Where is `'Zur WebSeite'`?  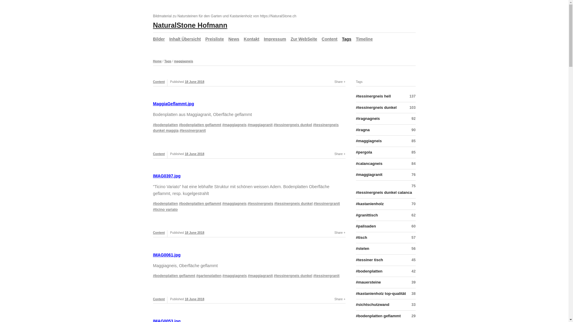 'Zur WebSeite' is located at coordinates (304, 39).